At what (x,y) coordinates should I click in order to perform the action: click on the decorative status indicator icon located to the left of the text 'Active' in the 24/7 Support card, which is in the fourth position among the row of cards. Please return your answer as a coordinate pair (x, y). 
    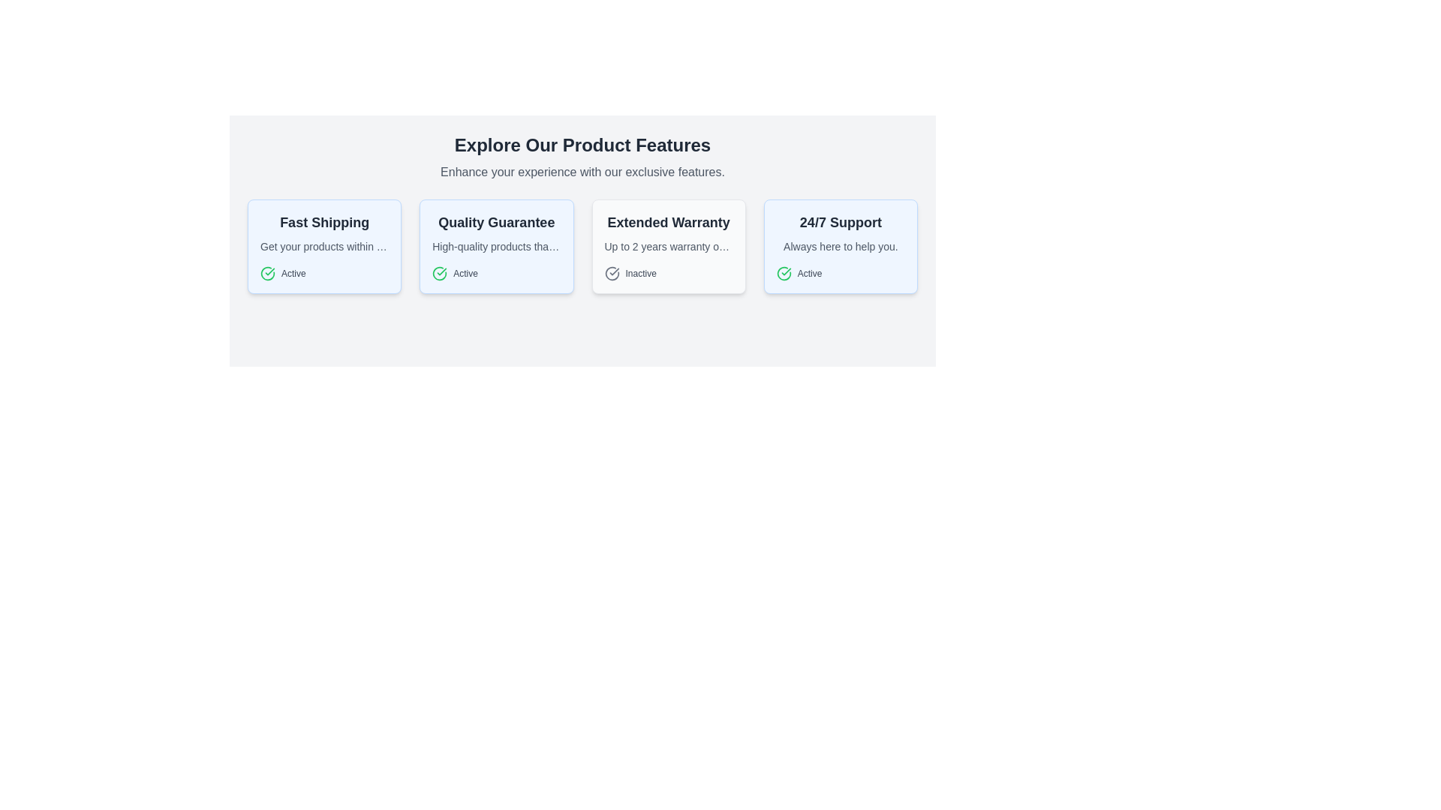
    Looking at the image, I should click on (783, 274).